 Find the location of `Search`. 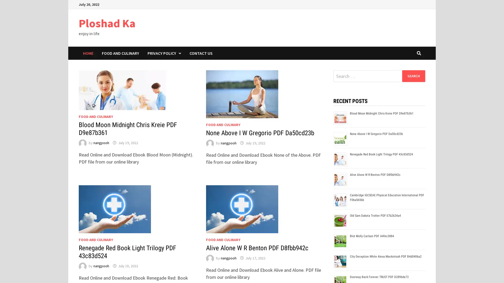

Search is located at coordinates (413, 76).